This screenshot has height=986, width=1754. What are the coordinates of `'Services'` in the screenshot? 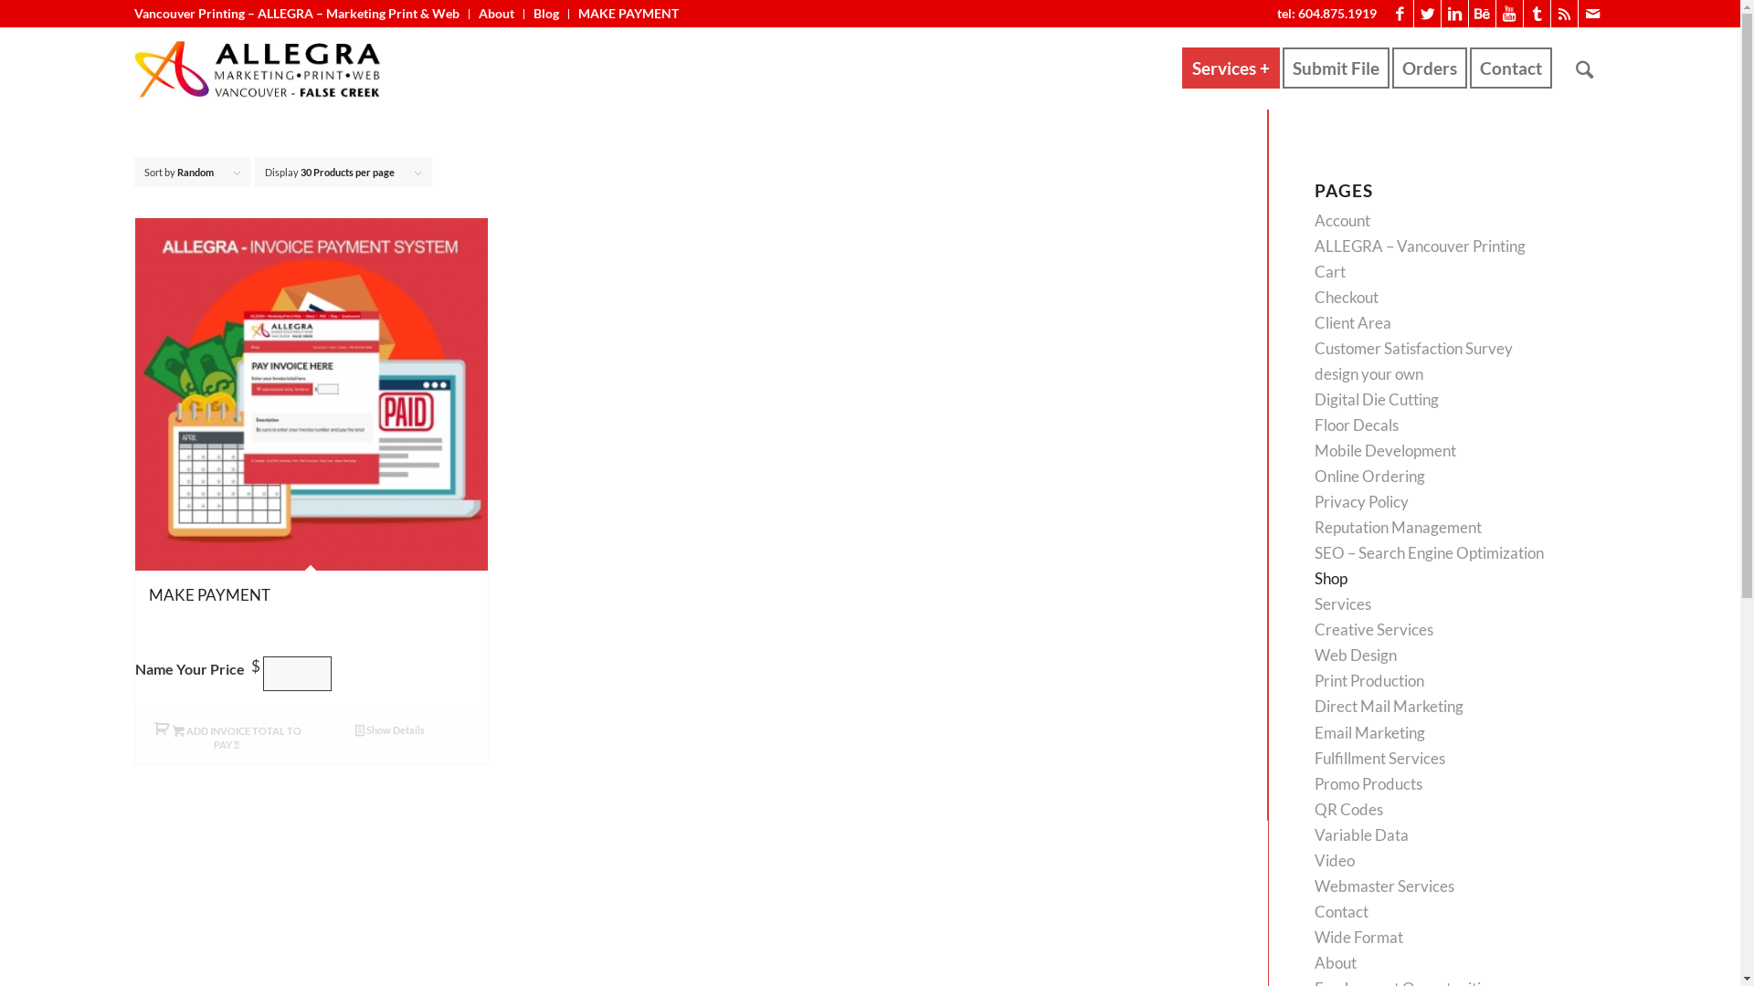 It's located at (1342, 603).